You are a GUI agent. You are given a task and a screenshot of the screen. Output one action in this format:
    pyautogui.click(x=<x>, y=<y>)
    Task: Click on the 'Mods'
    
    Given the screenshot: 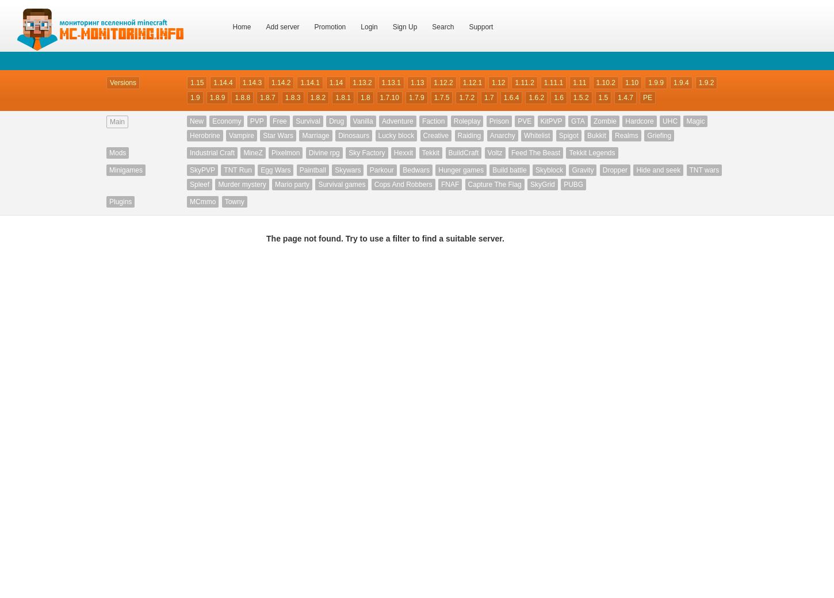 What is the action you would take?
    pyautogui.click(x=117, y=152)
    